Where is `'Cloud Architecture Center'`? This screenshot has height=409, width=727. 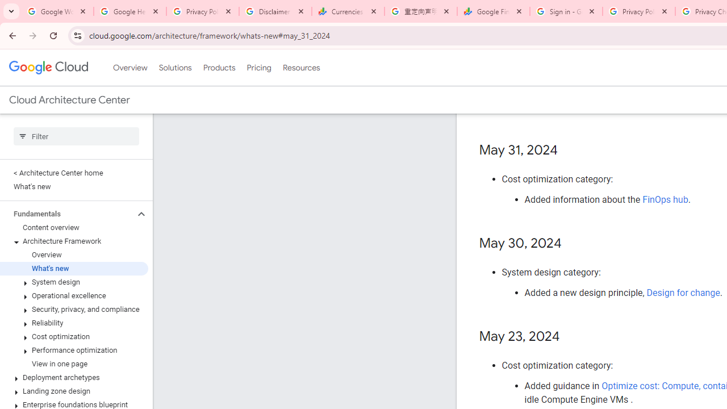 'Cloud Architecture Center' is located at coordinates (69, 99).